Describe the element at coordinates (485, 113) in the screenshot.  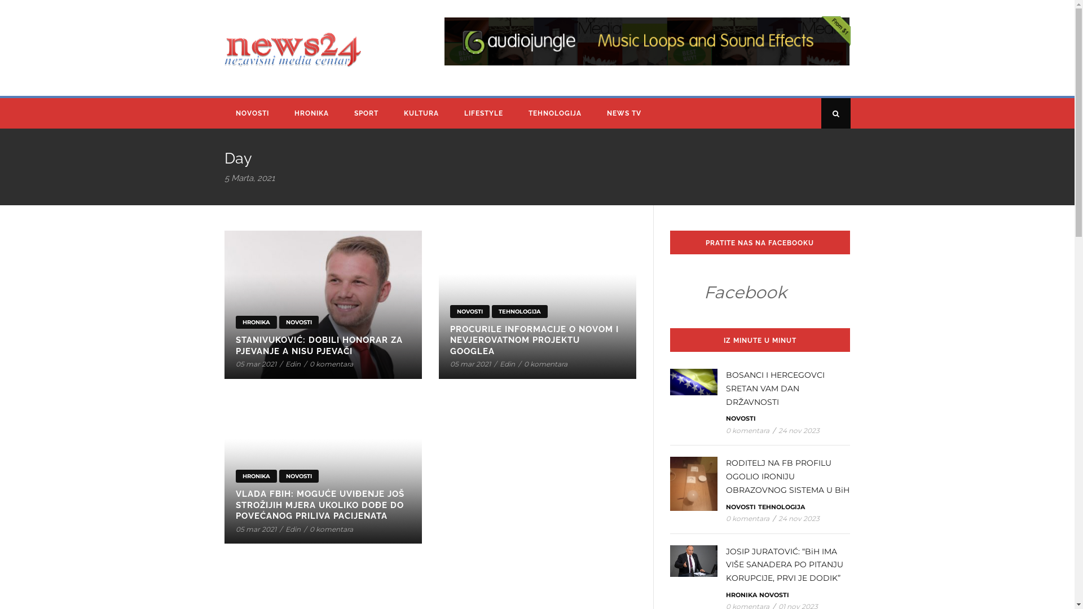
I see `'LIFESTYLE'` at that location.